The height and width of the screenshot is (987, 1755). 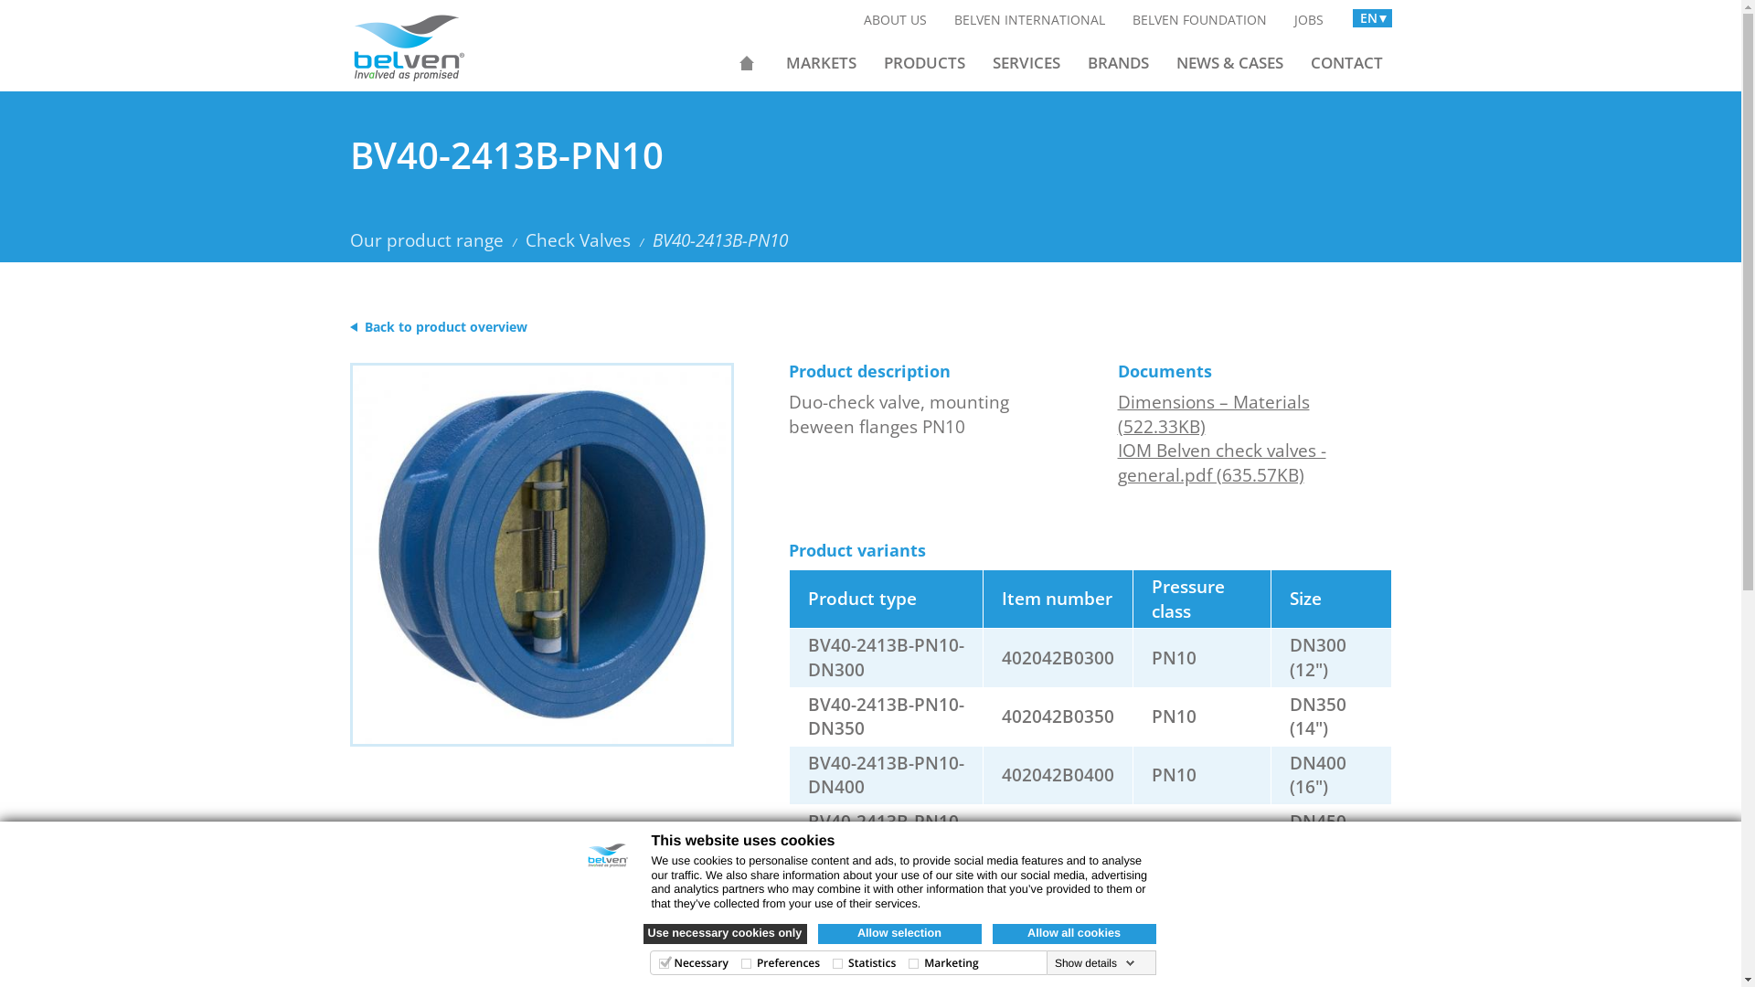 I want to click on 'BELVEN INTERNATIONAL', so click(x=1028, y=20).